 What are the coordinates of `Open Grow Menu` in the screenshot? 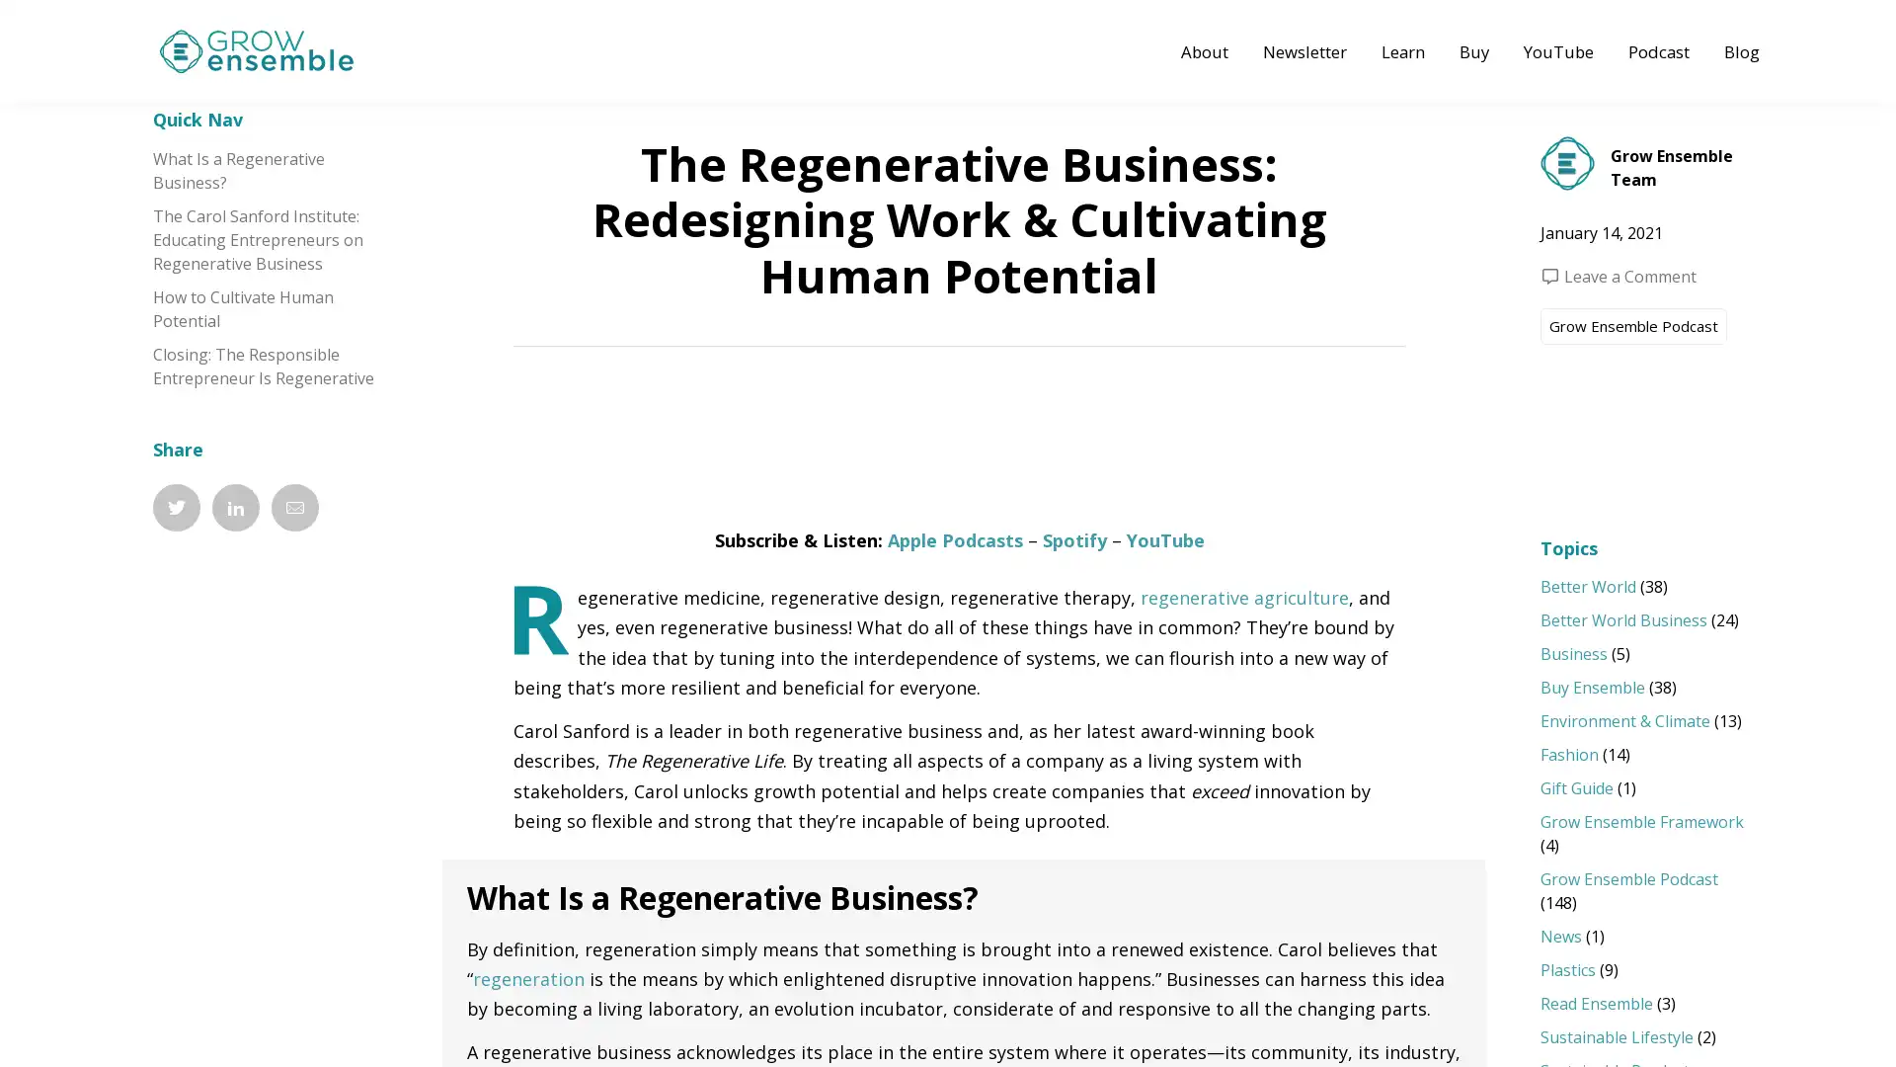 It's located at (1856, 1026).